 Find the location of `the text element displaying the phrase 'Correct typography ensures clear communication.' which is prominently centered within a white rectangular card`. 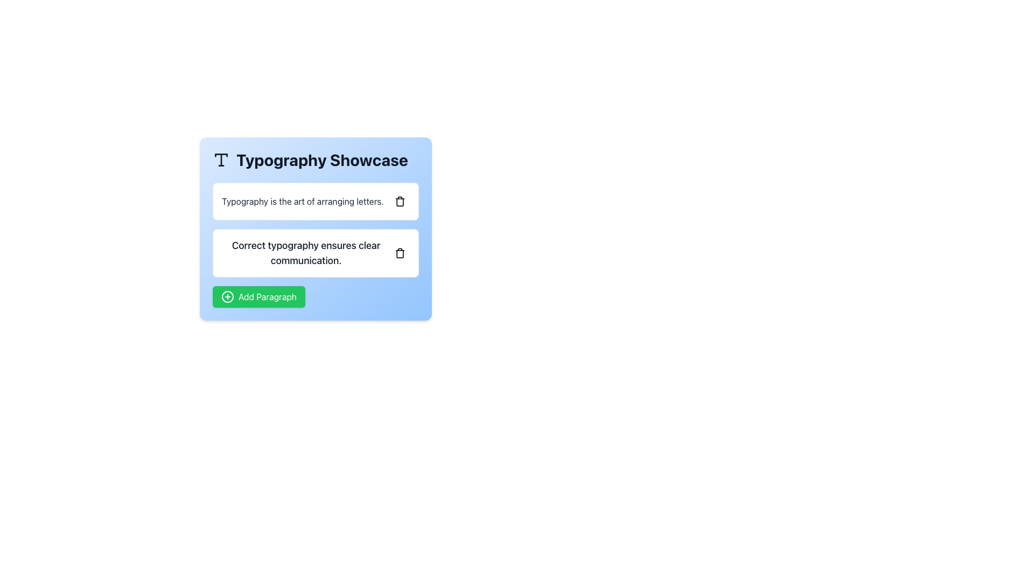

the text element displaying the phrase 'Correct typography ensures clear communication.' which is prominently centered within a white rectangular card is located at coordinates (305, 253).